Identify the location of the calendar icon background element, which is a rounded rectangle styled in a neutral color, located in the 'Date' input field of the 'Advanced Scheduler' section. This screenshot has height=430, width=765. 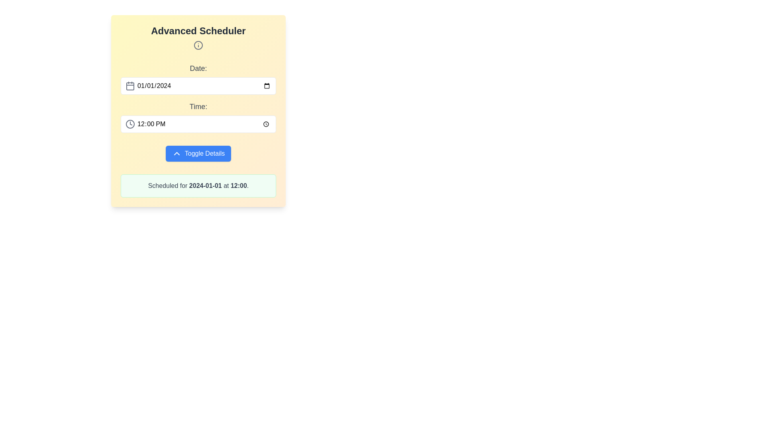
(130, 86).